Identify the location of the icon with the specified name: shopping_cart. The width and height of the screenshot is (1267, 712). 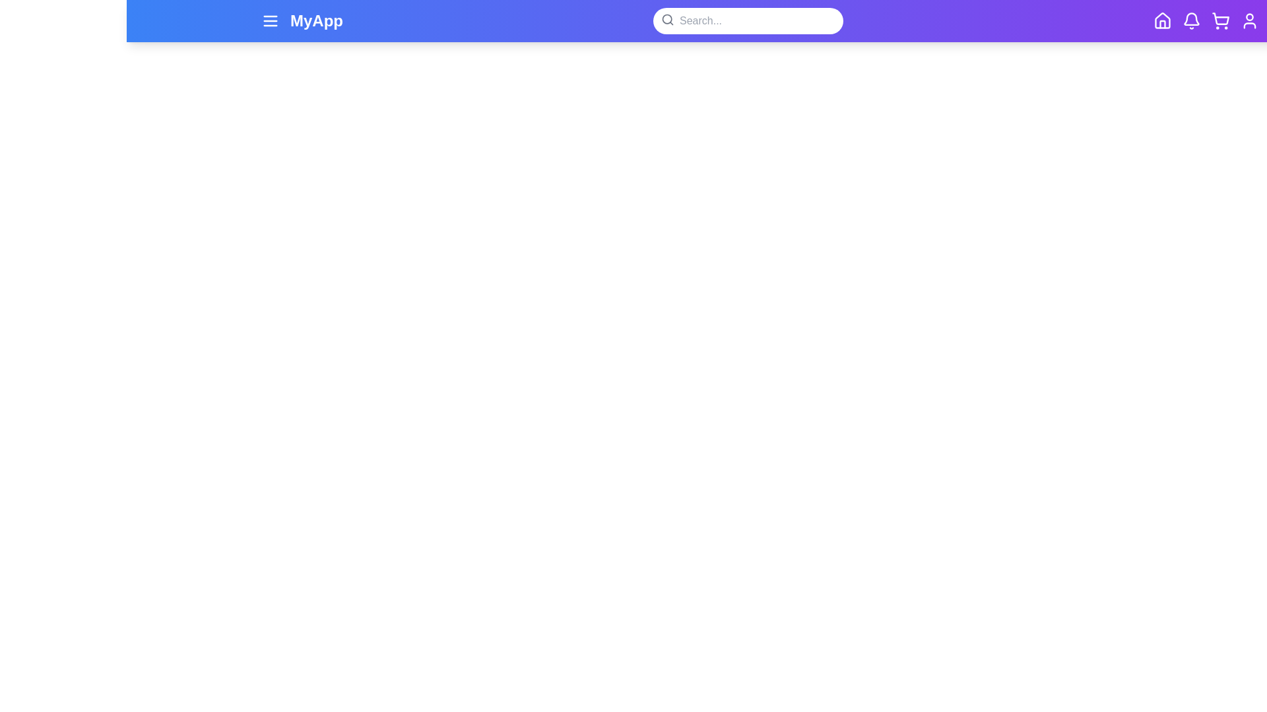
(1219, 20).